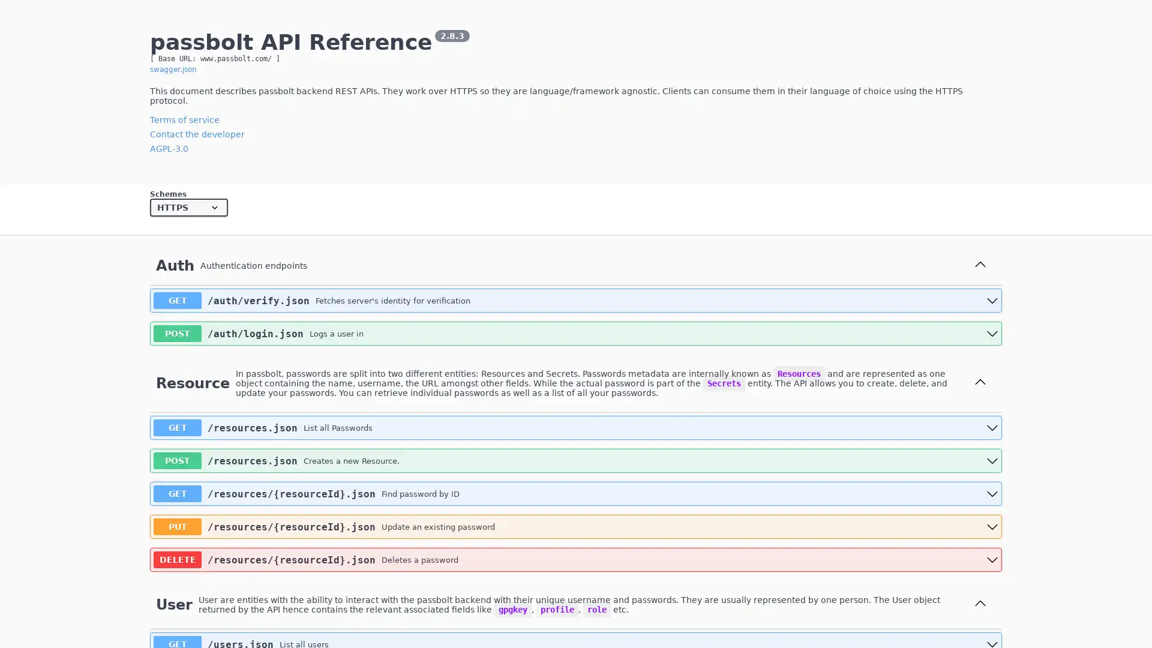 This screenshot has height=648, width=1152. What do you see at coordinates (576, 333) in the screenshot?
I see `post /auth/login.json` at bounding box center [576, 333].